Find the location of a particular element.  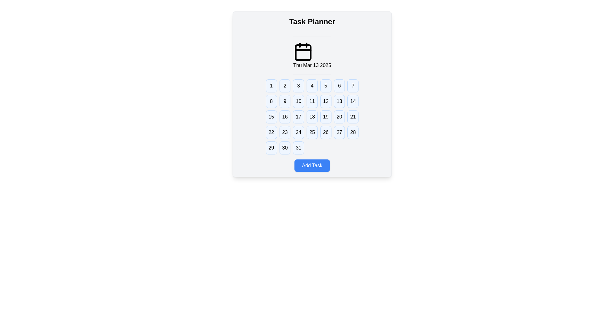

the calendar grid cell representing the 19th day is located at coordinates (325, 117).